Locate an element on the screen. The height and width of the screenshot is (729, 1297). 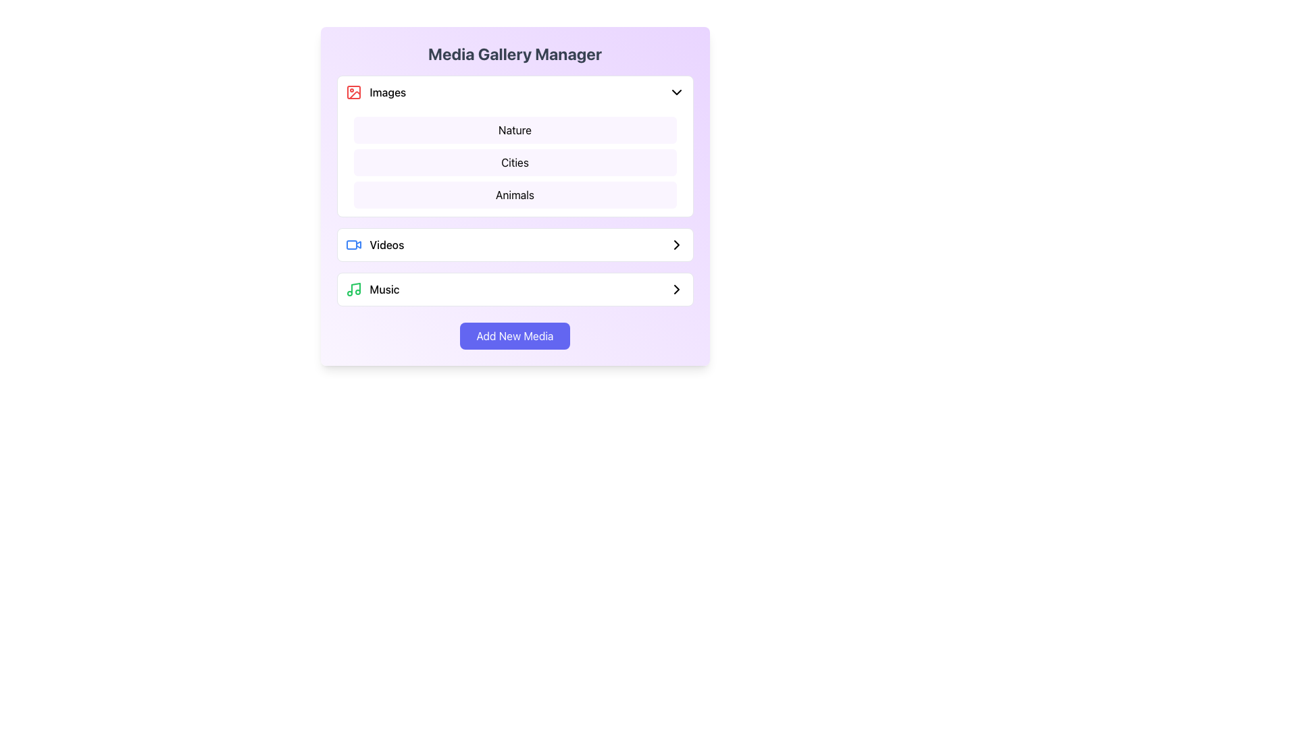
the Text label indicating the section pertains to images in the Media Gallery Manager panel is located at coordinates (387, 92).